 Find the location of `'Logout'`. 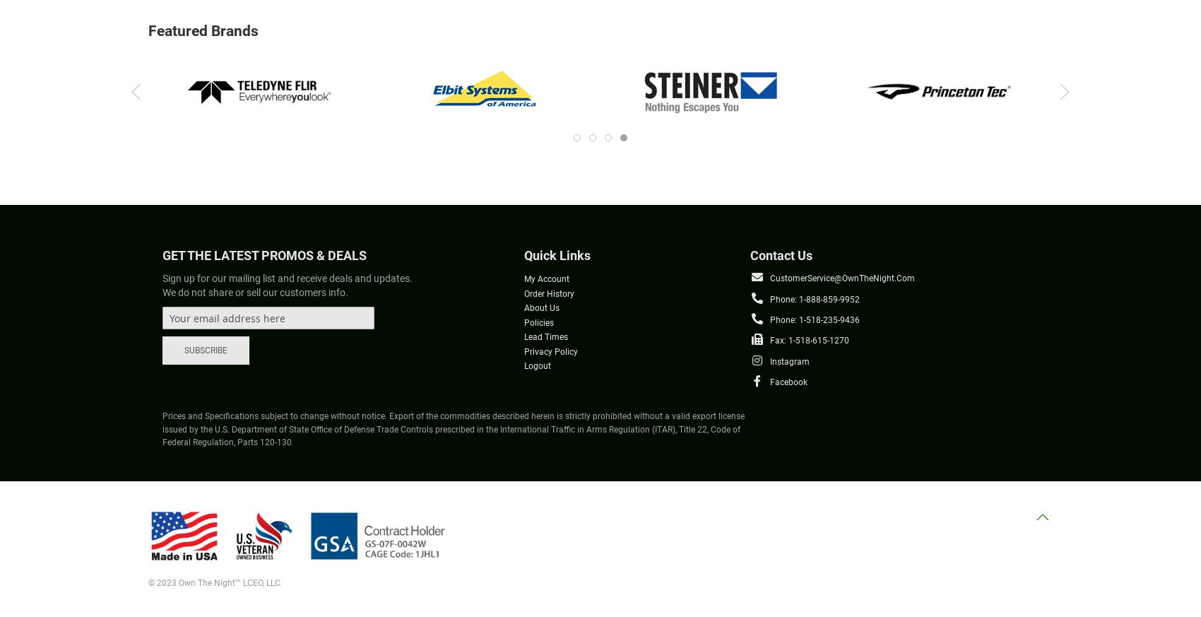

'Logout' is located at coordinates (536, 366).